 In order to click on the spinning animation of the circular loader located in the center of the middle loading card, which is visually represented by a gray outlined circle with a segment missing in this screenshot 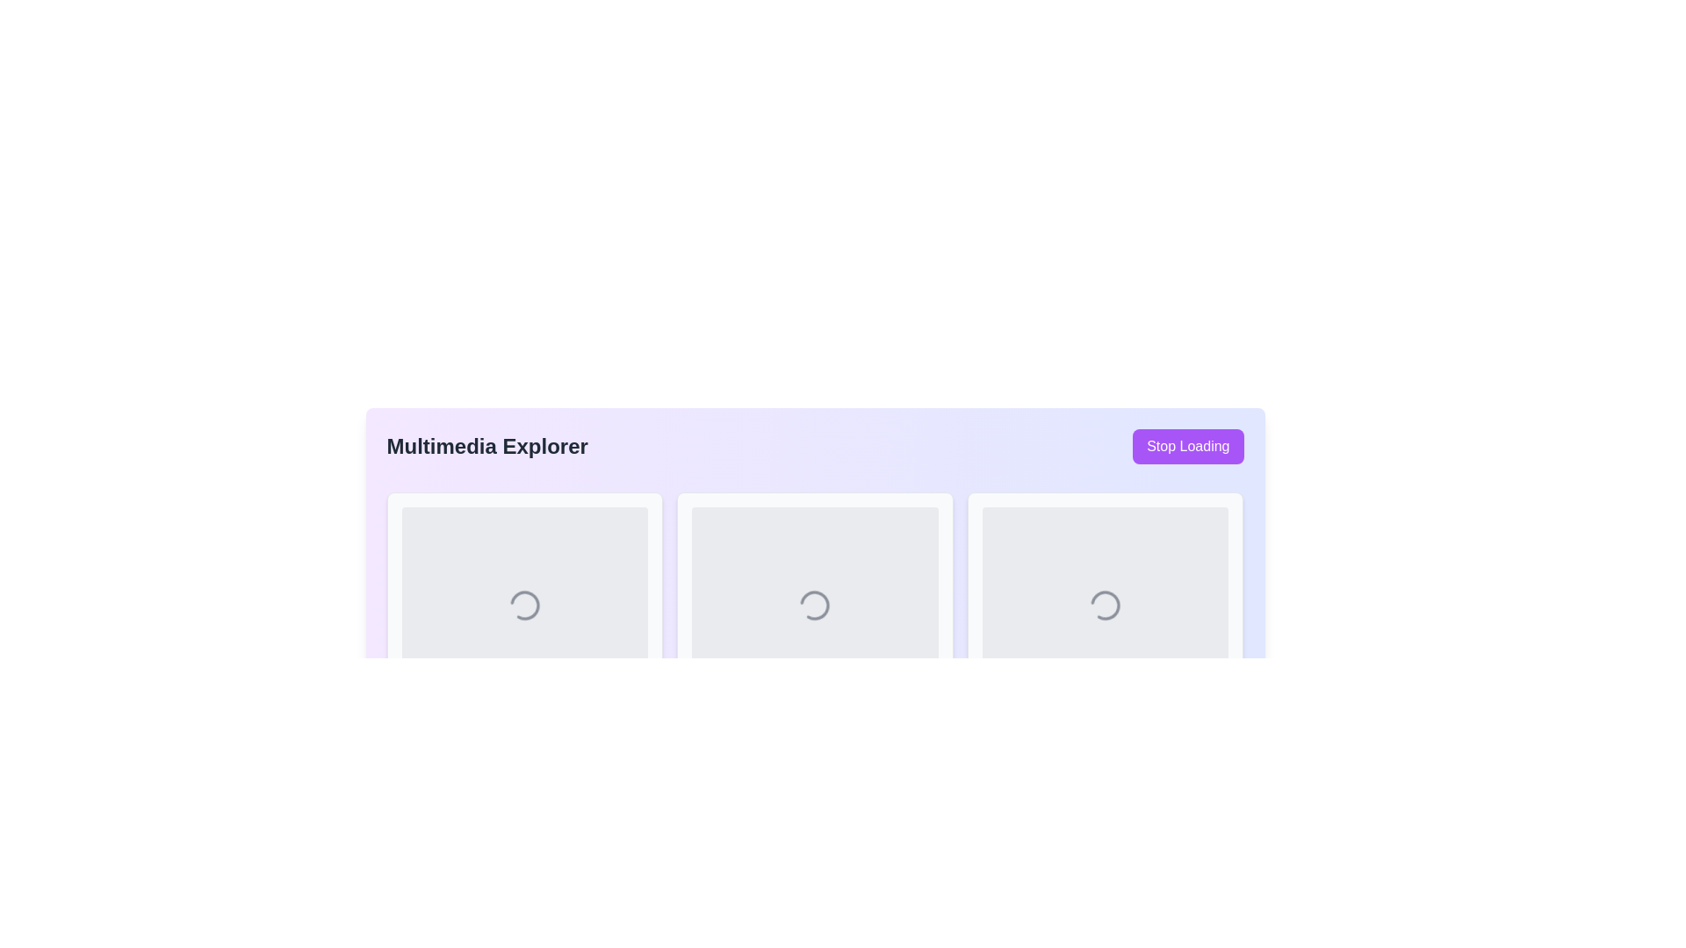, I will do `click(814, 605)`.